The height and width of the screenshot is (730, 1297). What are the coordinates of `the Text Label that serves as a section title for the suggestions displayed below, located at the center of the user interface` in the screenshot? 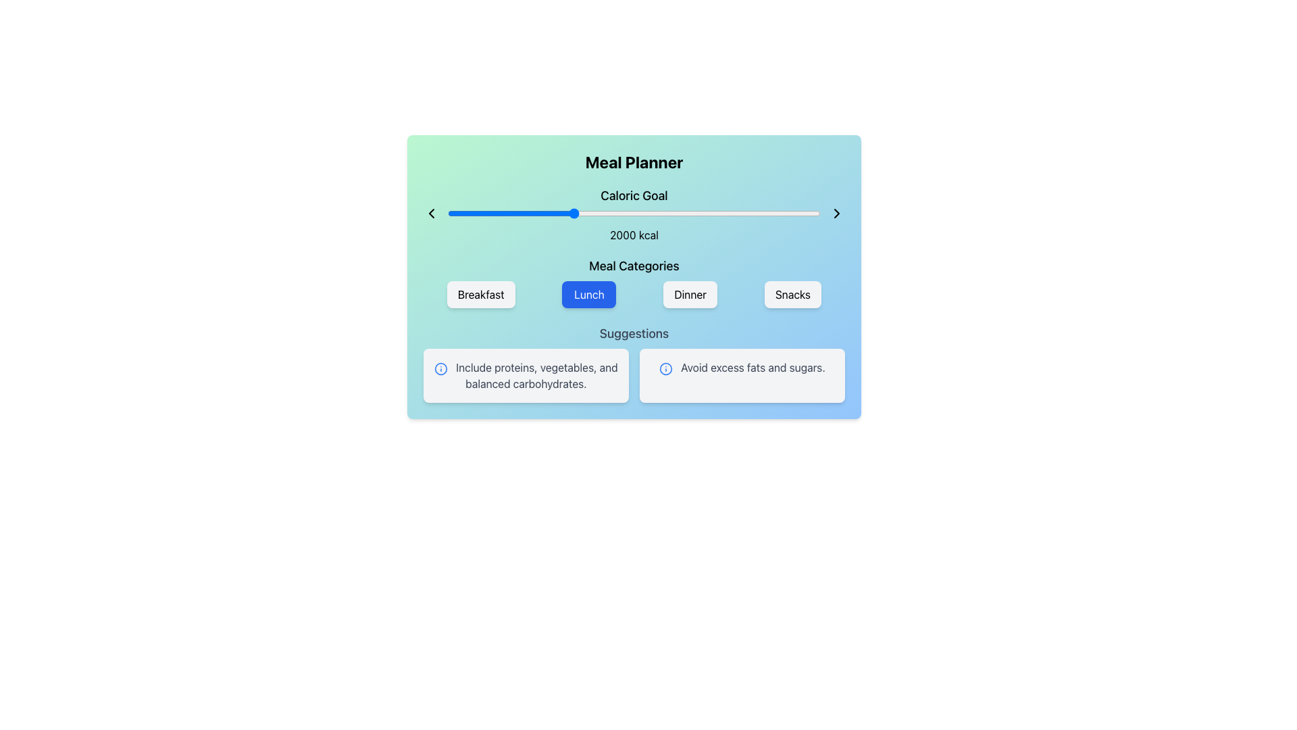 It's located at (634, 333).